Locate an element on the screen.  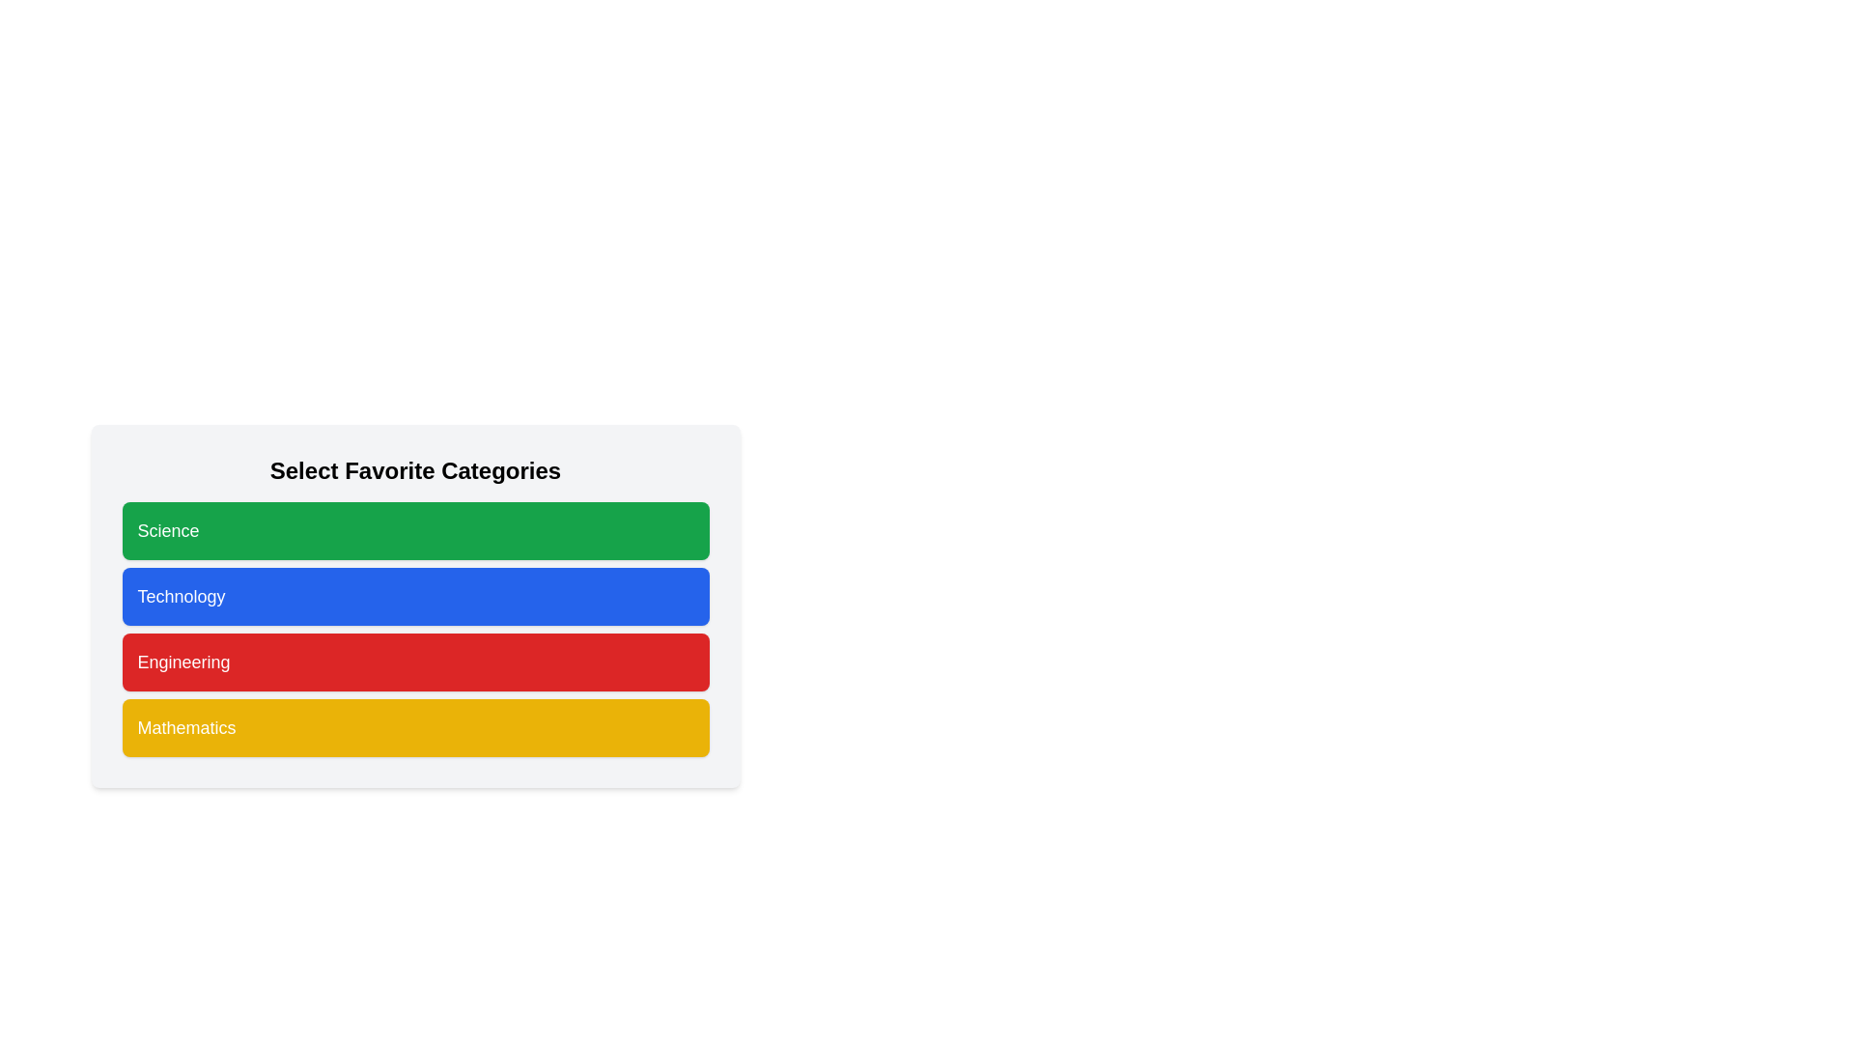
the selectable card or button for the 'Technology' category, which is the second element in a vertical list of four items under the 'Select Favorite Categories' title is located at coordinates (414, 629).